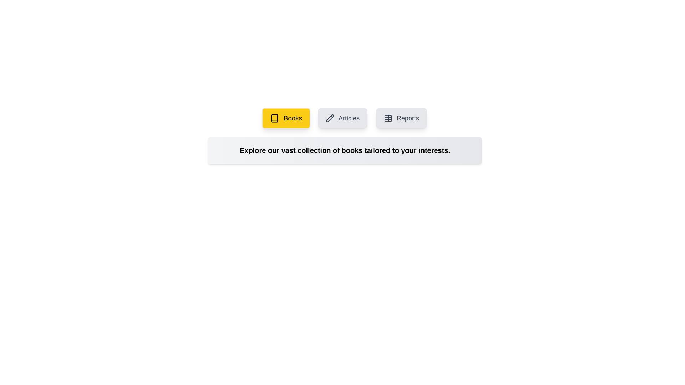 This screenshot has width=685, height=385. I want to click on the static text box with rounded corners and a light gray gradient background that contains the text 'Explore our vast collection of books tailored to your interests.', so click(345, 150).